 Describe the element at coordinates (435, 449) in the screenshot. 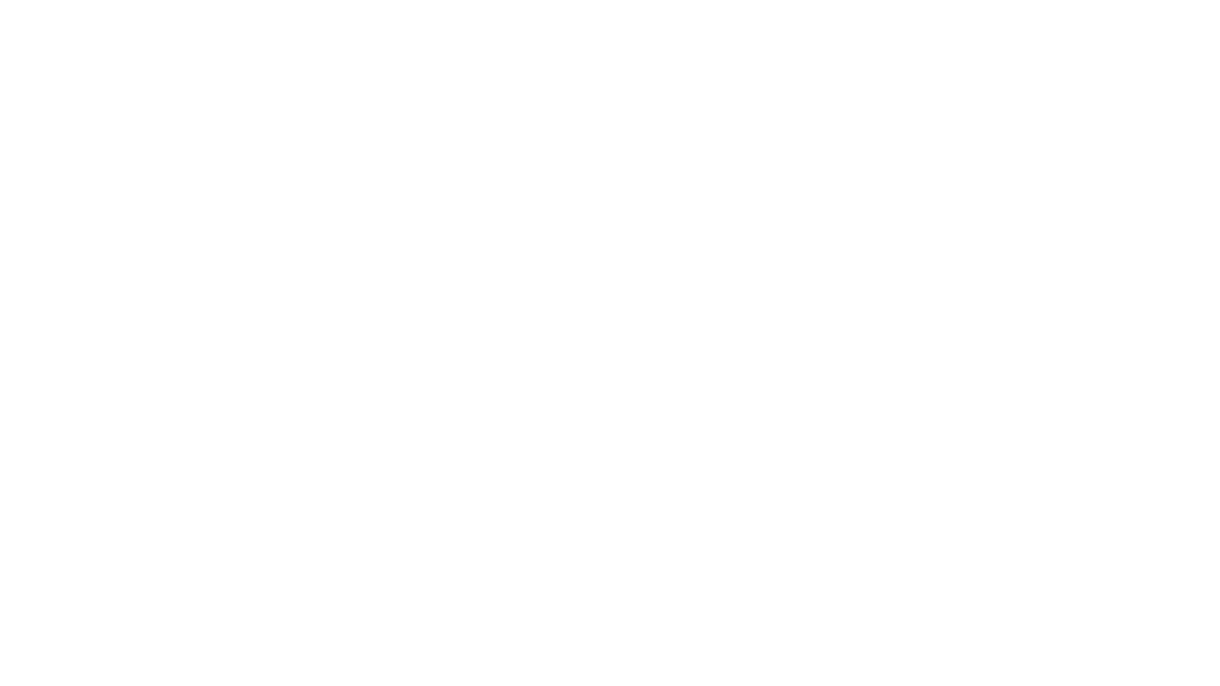

I see `Datova schranka Datova schranka Vyuzijte prihlasovaci udaje do vasi datove schranky` at that location.